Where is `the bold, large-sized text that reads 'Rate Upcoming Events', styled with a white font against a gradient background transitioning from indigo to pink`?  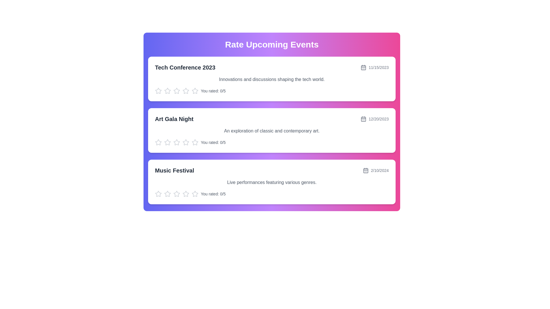 the bold, large-sized text that reads 'Rate Upcoming Events', styled with a white font against a gradient background transitioning from indigo to pink is located at coordinates (272, 44).